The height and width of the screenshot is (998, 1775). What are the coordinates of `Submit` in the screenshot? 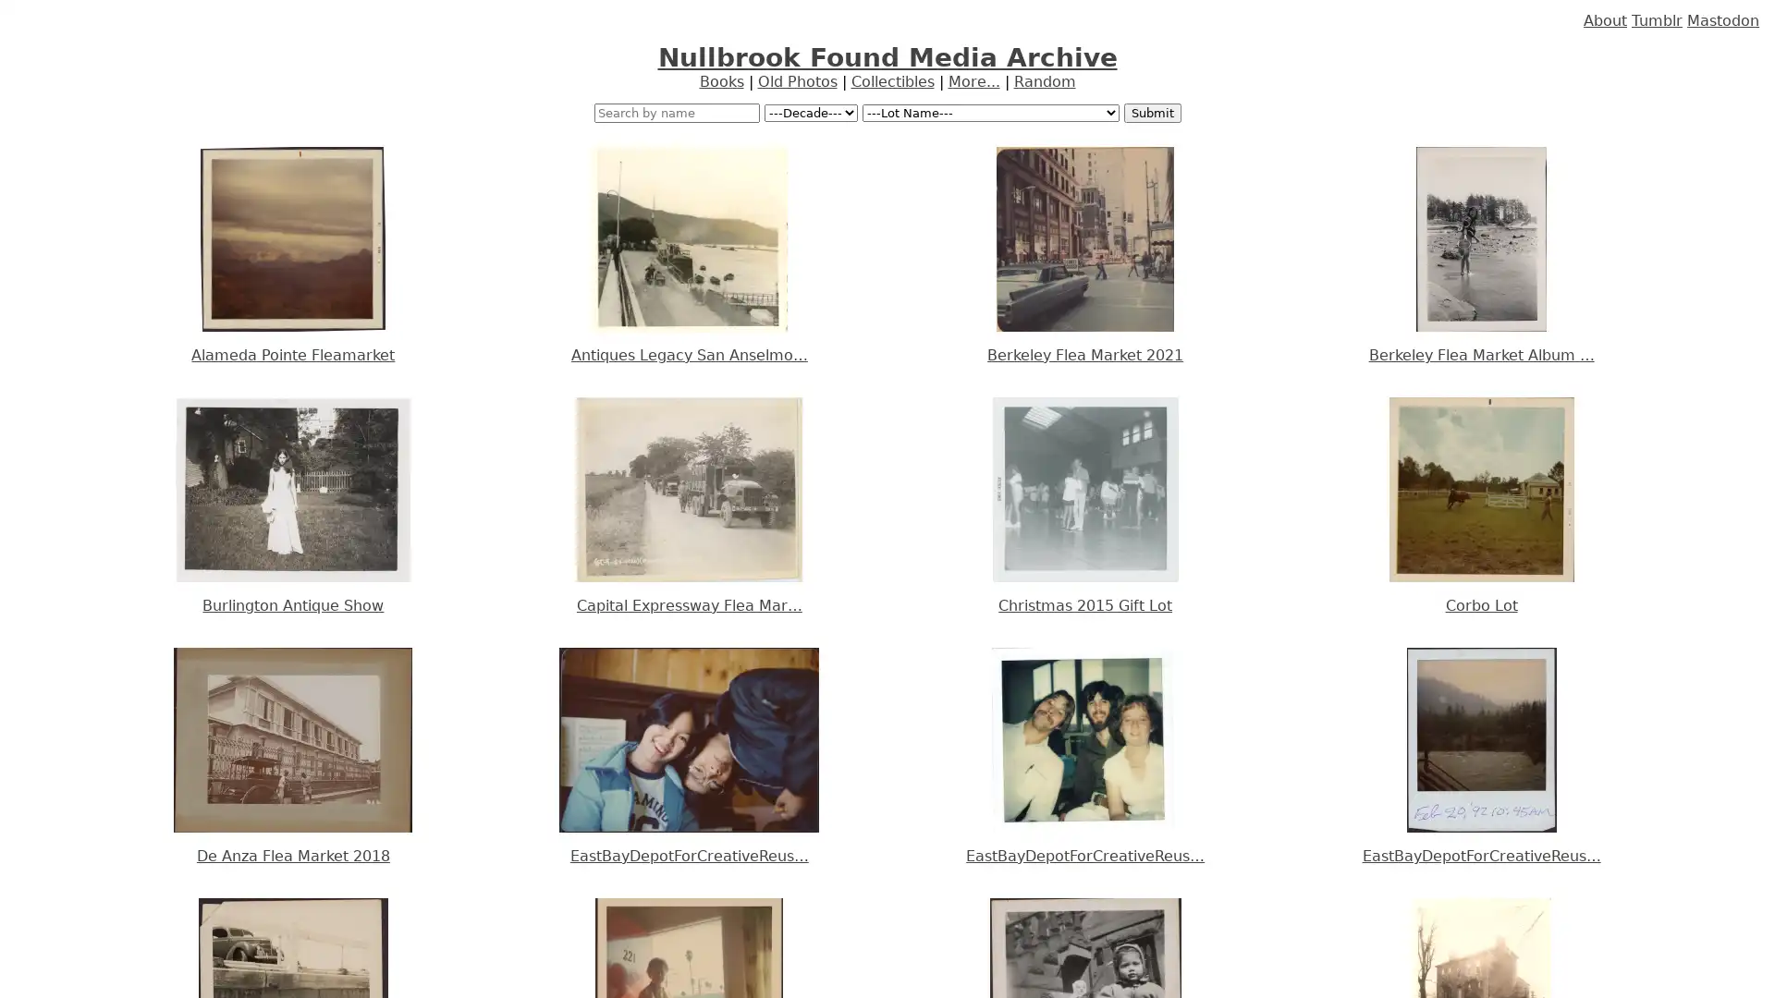 It's located at (1151, 113).